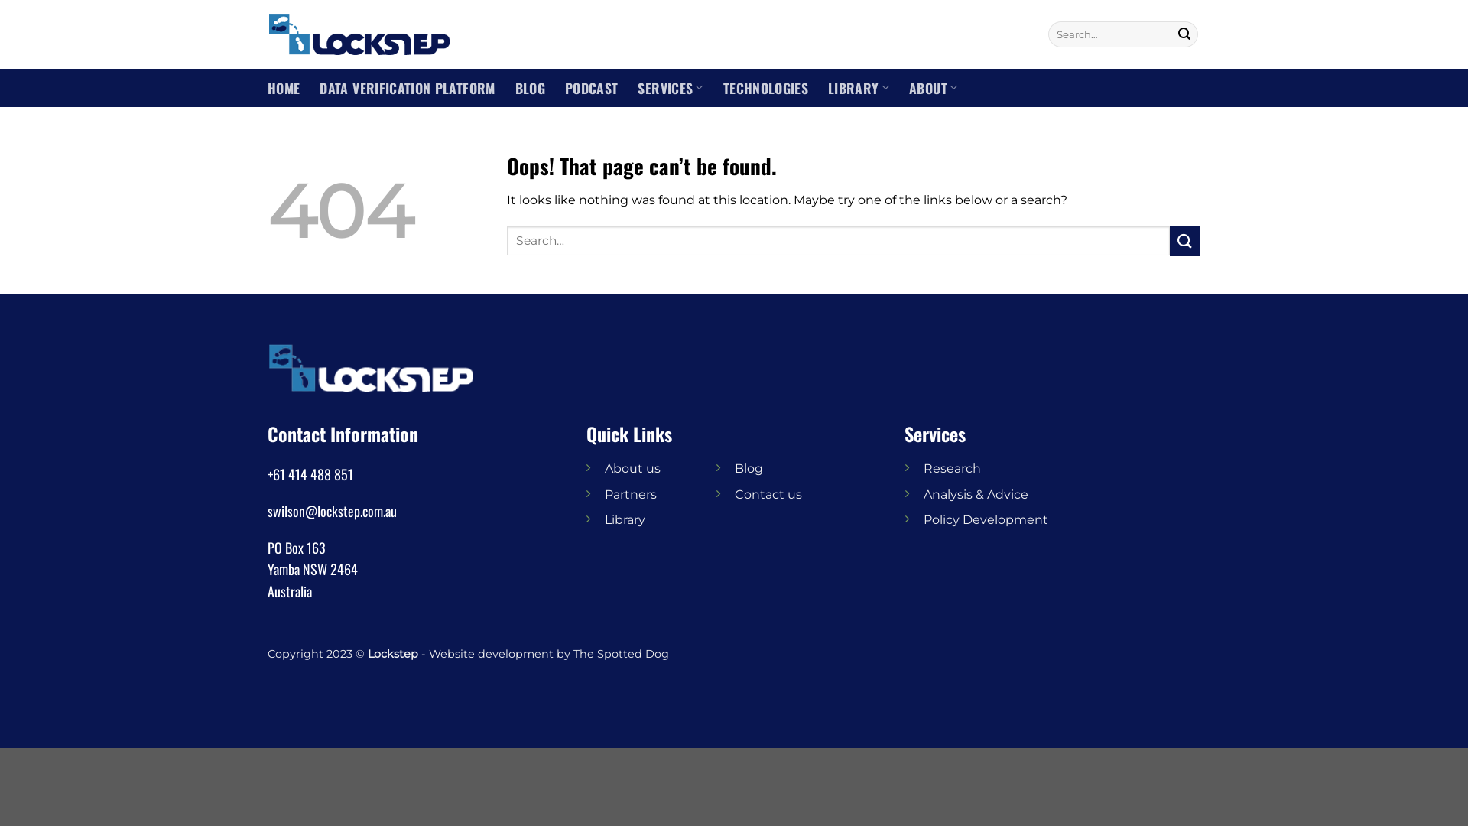 The image size is (1468, 826). I want to click on 'Research', so click(923, 467).